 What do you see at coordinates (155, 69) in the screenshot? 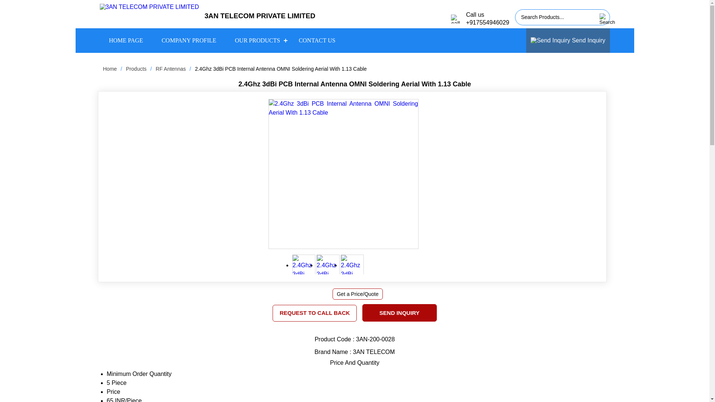
I see `'RF Antennas'` at bounding box center [155, 69].